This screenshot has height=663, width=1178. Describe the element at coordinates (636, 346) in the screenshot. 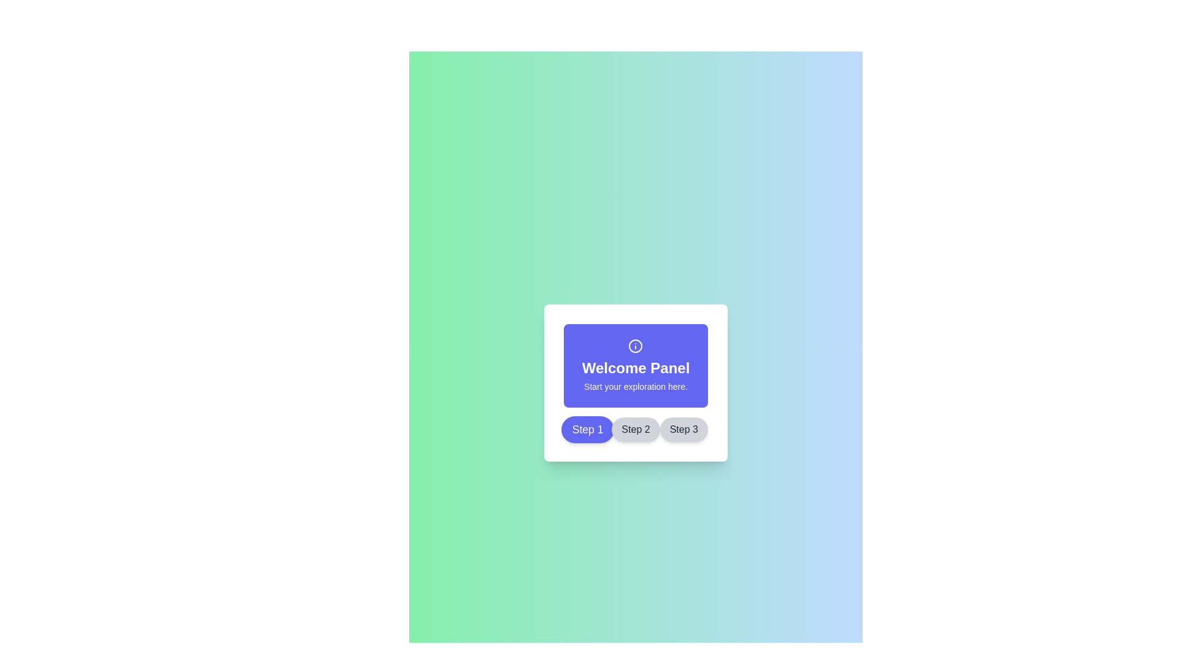

I see `the circular 'info' icon located at the top of the 'Welcome Panel' card, which features a vertical line and a dot above it, on a blue background` at that location.